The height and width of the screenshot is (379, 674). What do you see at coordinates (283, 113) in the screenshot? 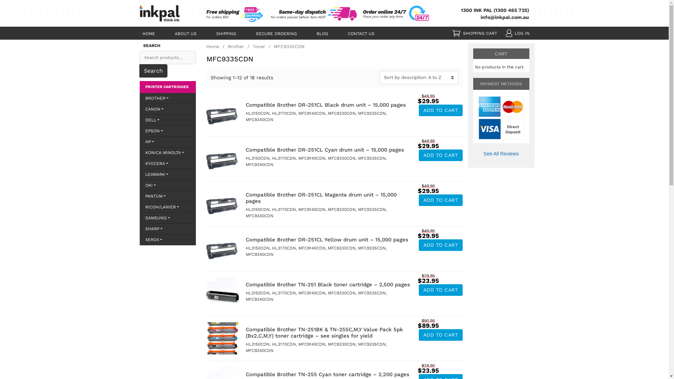
I see `'HL3170CDN'` at bounding box center [283, 113].